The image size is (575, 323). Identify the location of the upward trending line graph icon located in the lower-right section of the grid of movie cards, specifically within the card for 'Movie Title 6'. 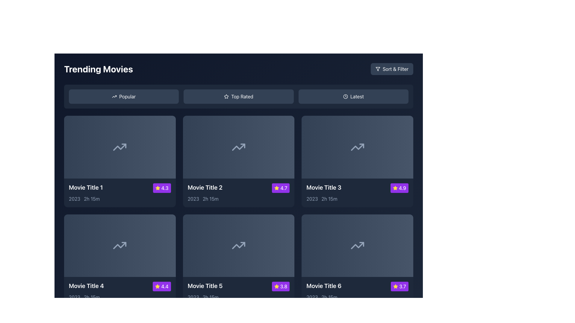
(357, 246).